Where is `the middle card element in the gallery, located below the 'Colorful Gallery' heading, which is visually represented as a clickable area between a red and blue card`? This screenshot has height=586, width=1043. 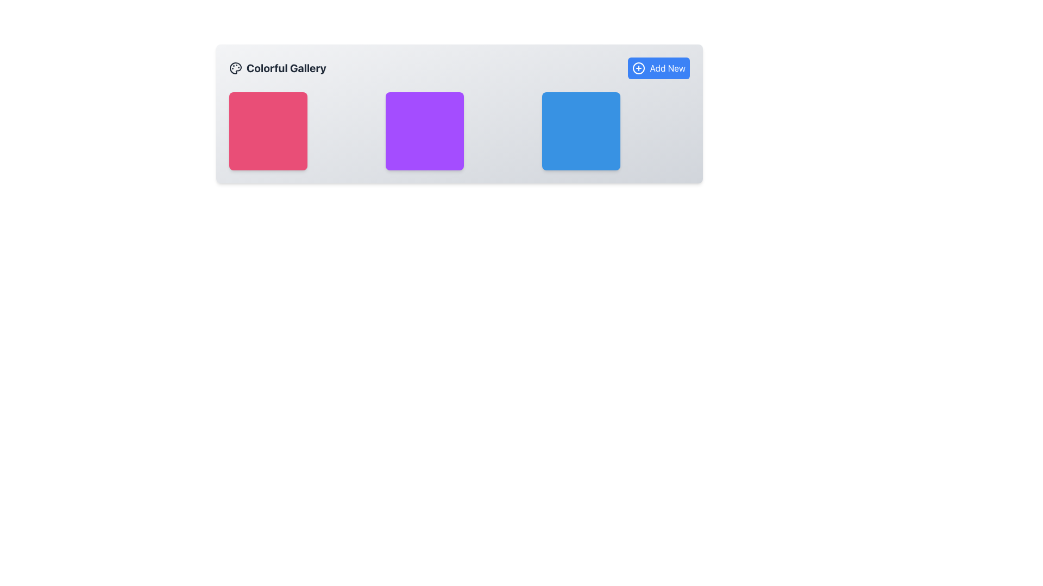
the middle card element in the gallery, located below the 'Colorful Gallery' heading, which is visually represented as a clickable area between a red and blue card is located at coordinates (459, 131).